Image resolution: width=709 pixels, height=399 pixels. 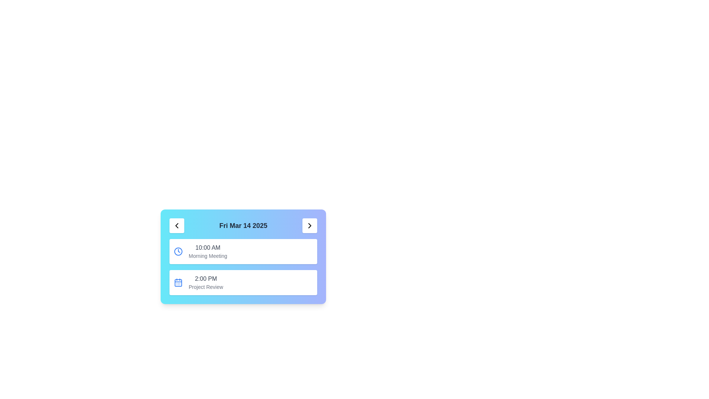 I want to click on on the text block displaying the scheduled event details for 'Morning Meeting' at '10:00 AM', so click(x=208, y=251).